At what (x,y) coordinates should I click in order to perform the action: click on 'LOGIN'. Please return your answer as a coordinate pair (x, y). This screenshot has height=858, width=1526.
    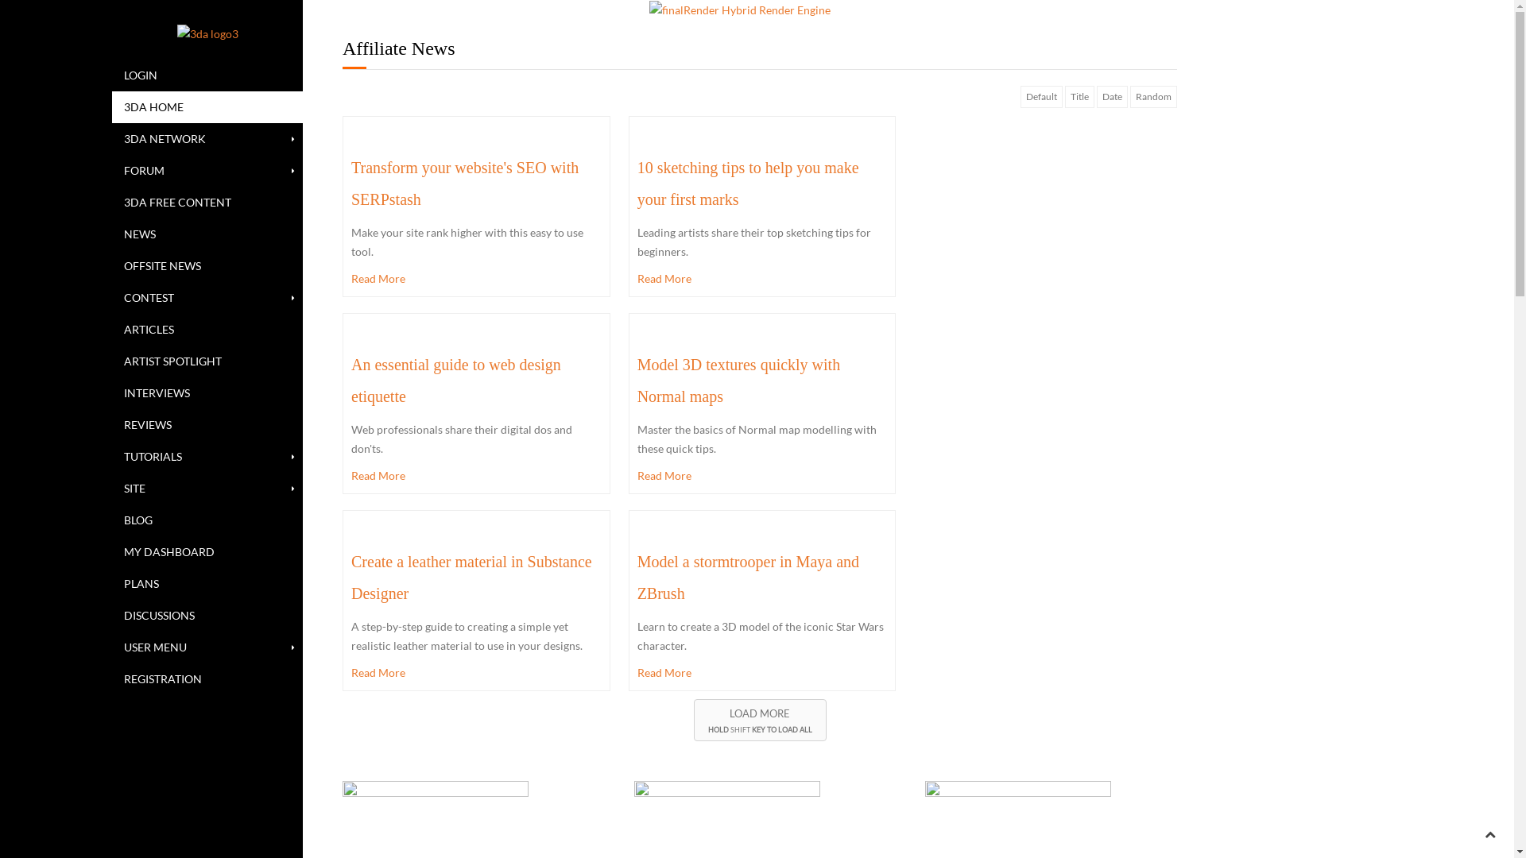
    Looking at the image, I should click on (206, 75).